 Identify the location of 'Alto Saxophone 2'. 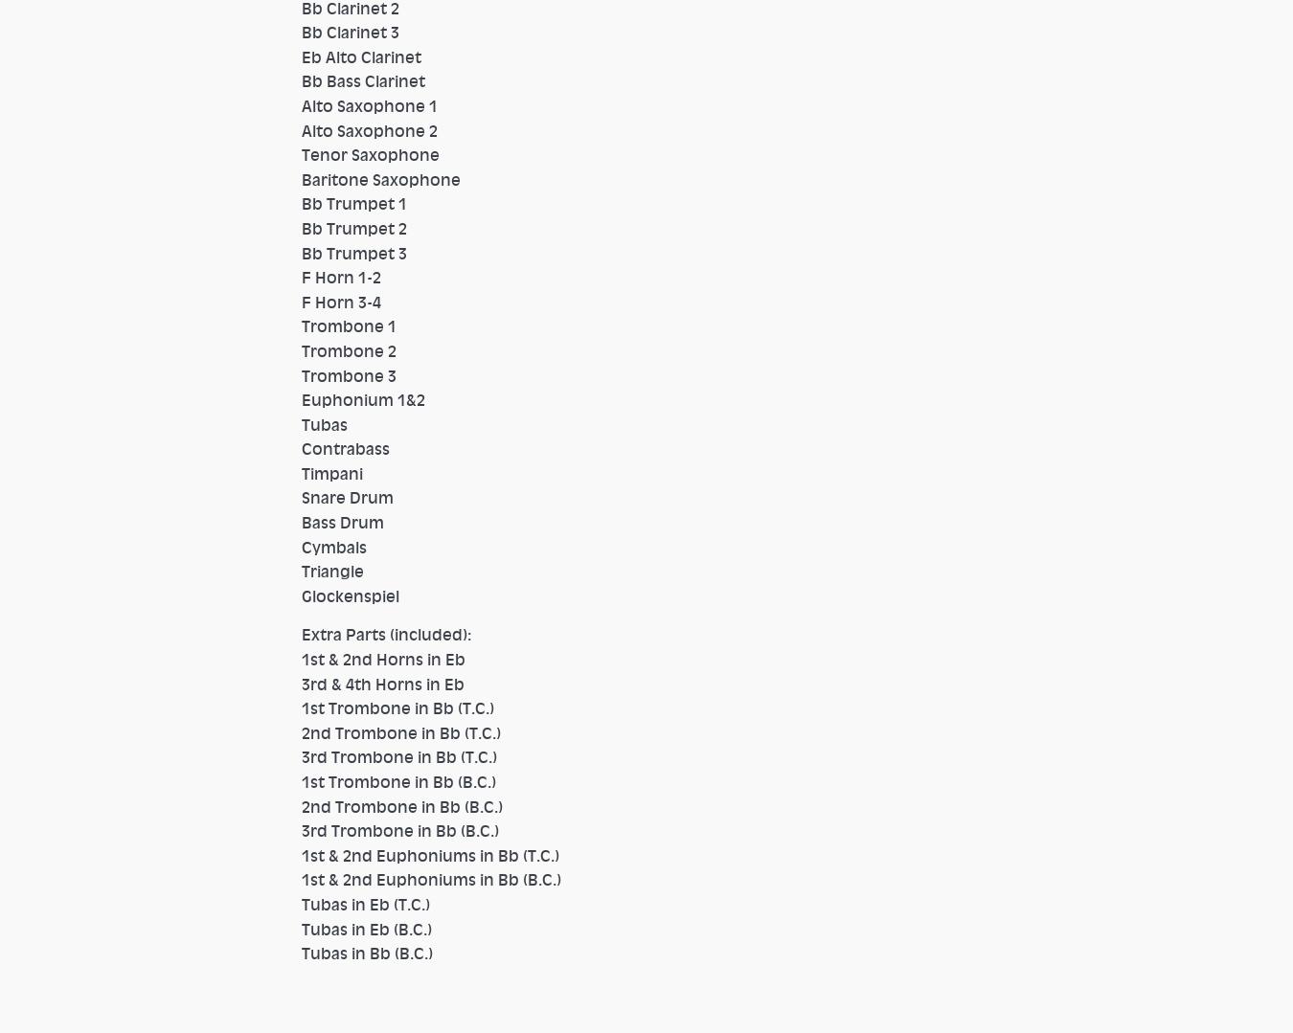
(377, 128).